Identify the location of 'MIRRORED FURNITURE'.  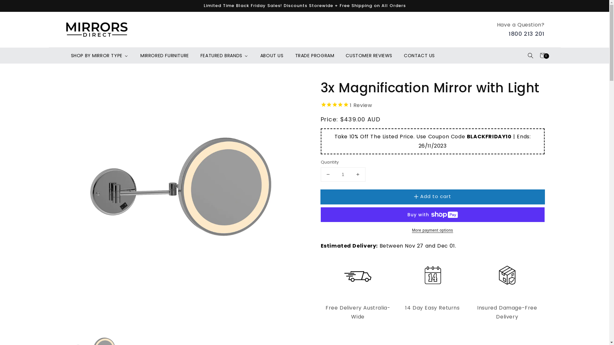
(134, 55).